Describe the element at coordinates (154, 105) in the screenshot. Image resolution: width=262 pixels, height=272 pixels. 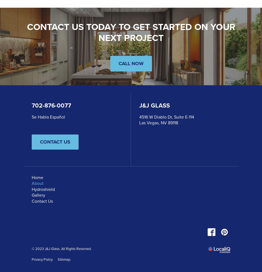
I see `'J&J Glass'` at that location.